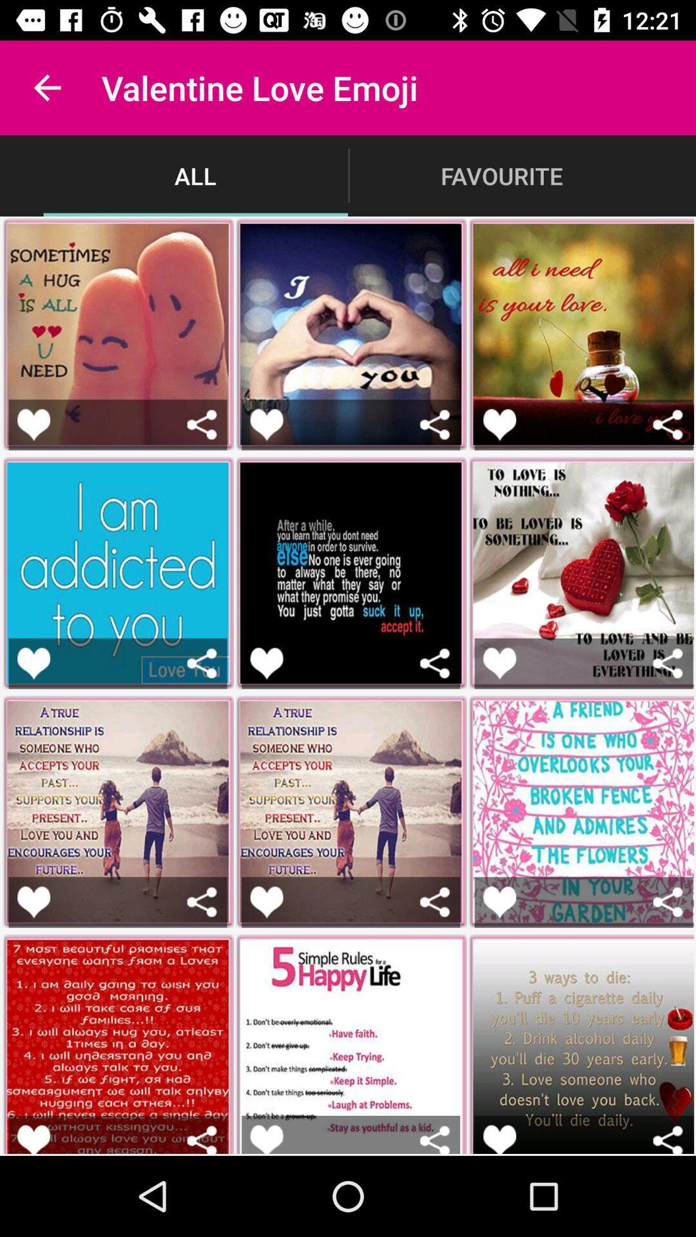 This screenshot has width=696, height=1237. What do you see at coordinates (435, 901) in the screenshot?
I see `share post` at bounding box center [435, 901].